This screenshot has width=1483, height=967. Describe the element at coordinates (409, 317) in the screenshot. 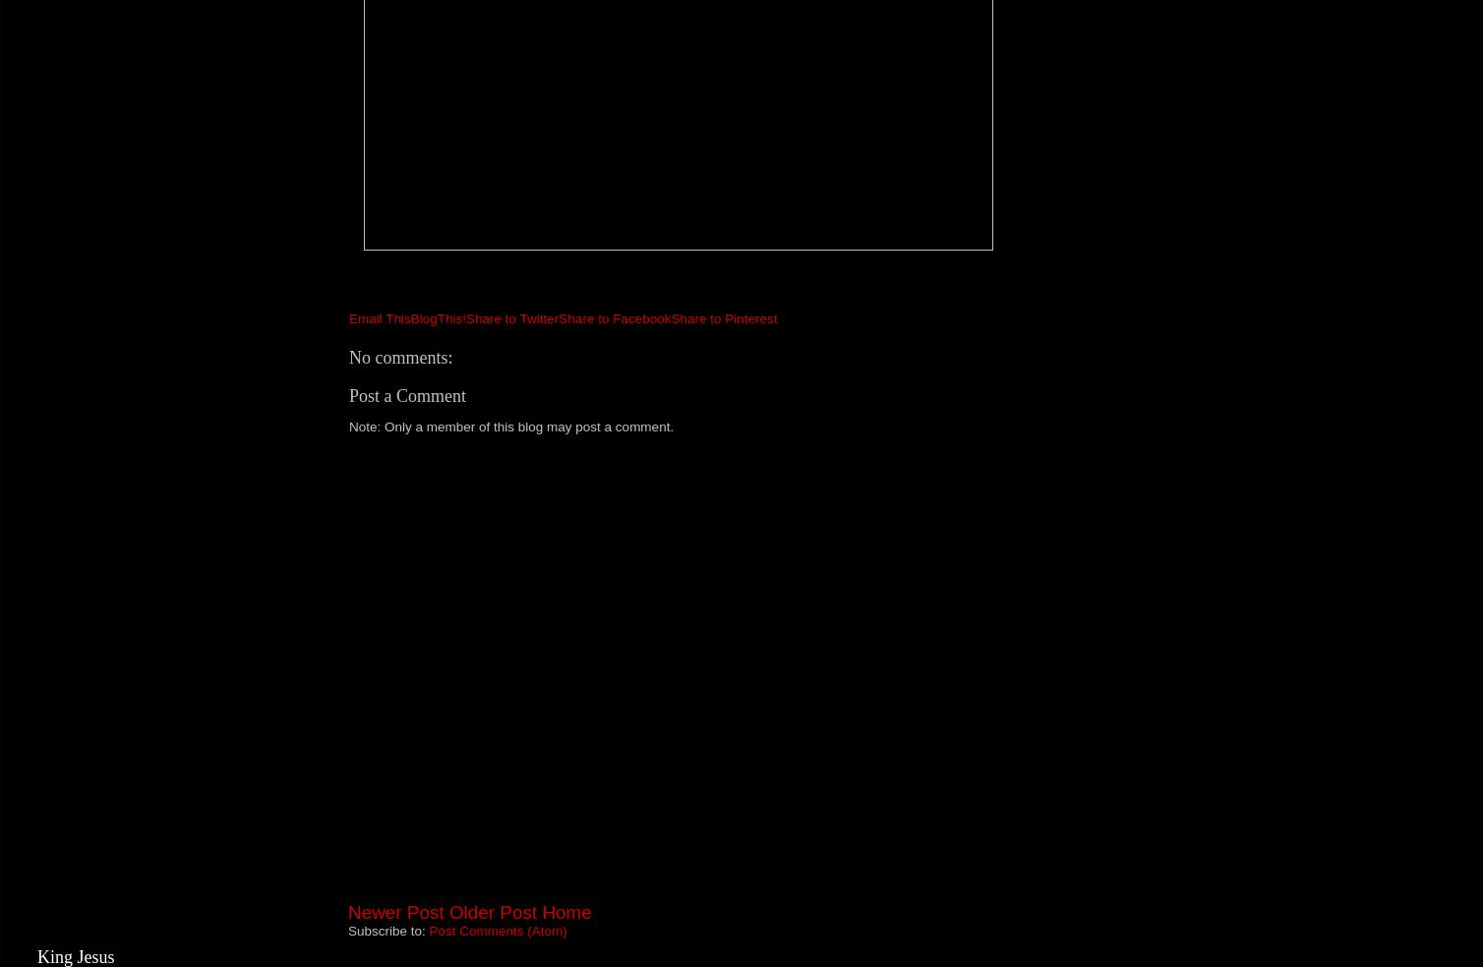

I see `'BlogThis!'` at that location.